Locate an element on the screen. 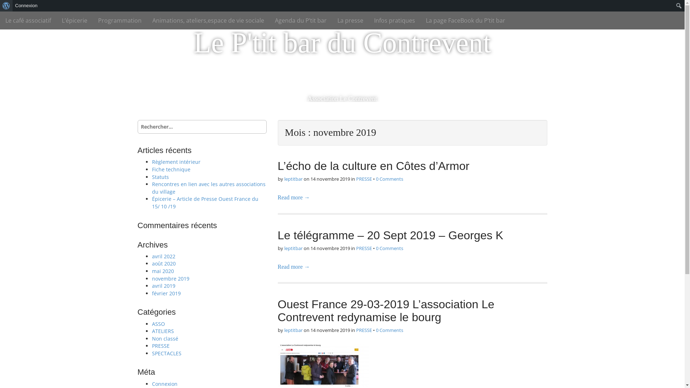  '0 Comments' is located at coordinates (389, 178).